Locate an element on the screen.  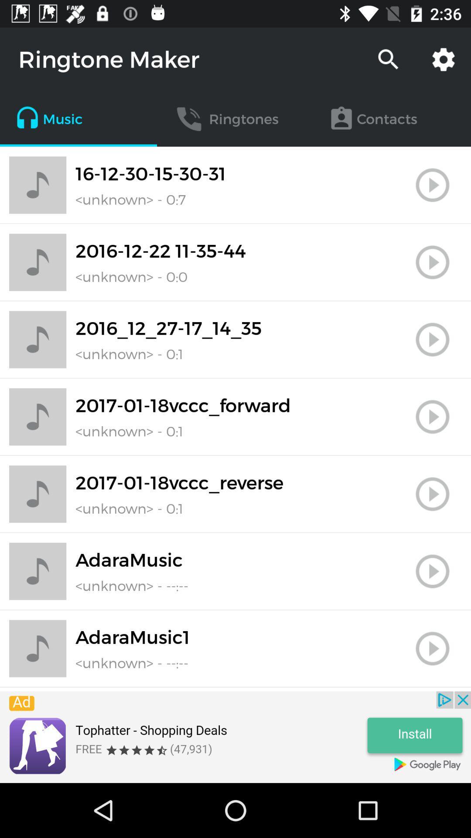
audio is located at coordinates (432, 649).